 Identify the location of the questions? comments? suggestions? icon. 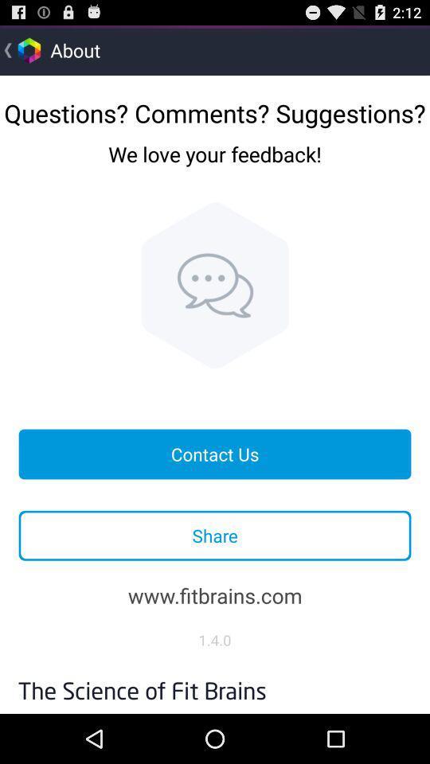
(215, 107).